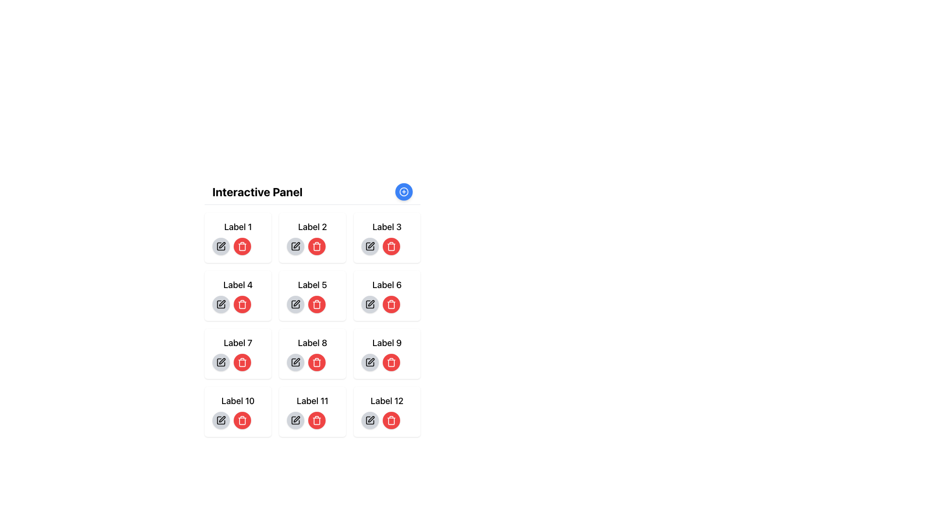  What do you see at coordinates (391, 362) in the screenshot?
I see `the red circular button with a white trash bin icon` at bounding box center [391, 362].